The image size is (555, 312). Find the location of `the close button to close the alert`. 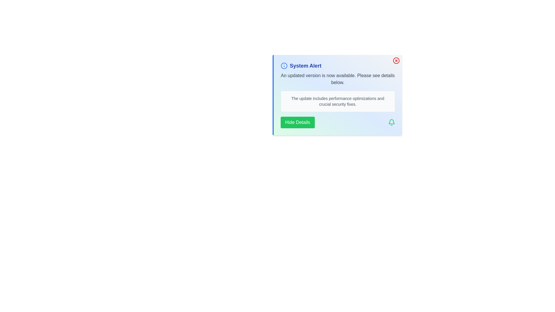

the close button to close the alert is located at coordinates (396, 60).